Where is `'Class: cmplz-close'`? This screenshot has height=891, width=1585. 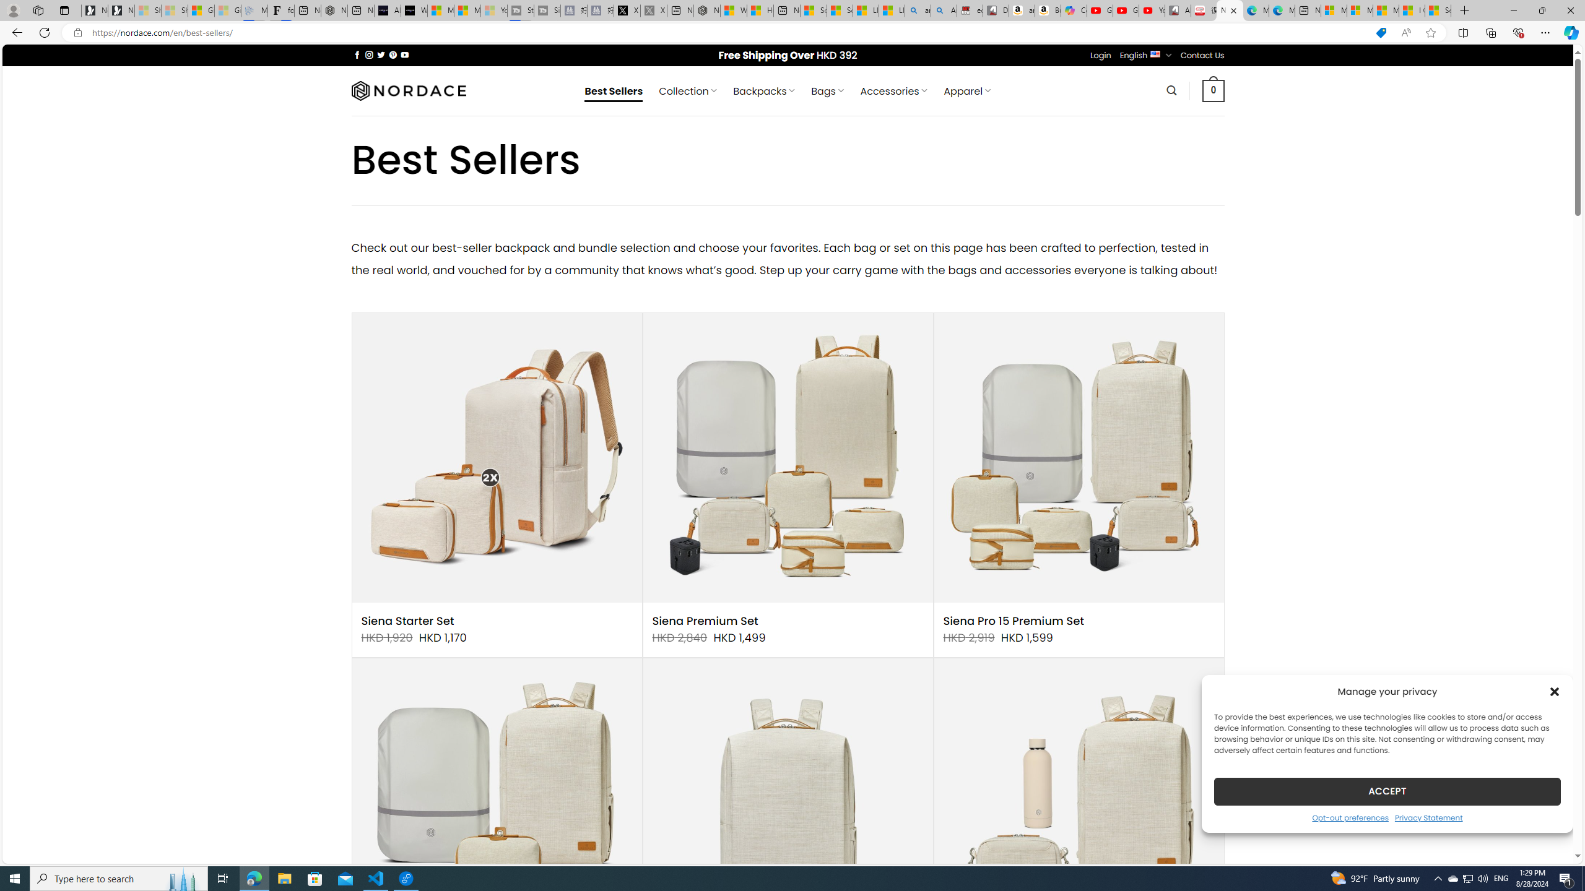
'Class: cmplz-close' is located at coordinates (1555, 691).